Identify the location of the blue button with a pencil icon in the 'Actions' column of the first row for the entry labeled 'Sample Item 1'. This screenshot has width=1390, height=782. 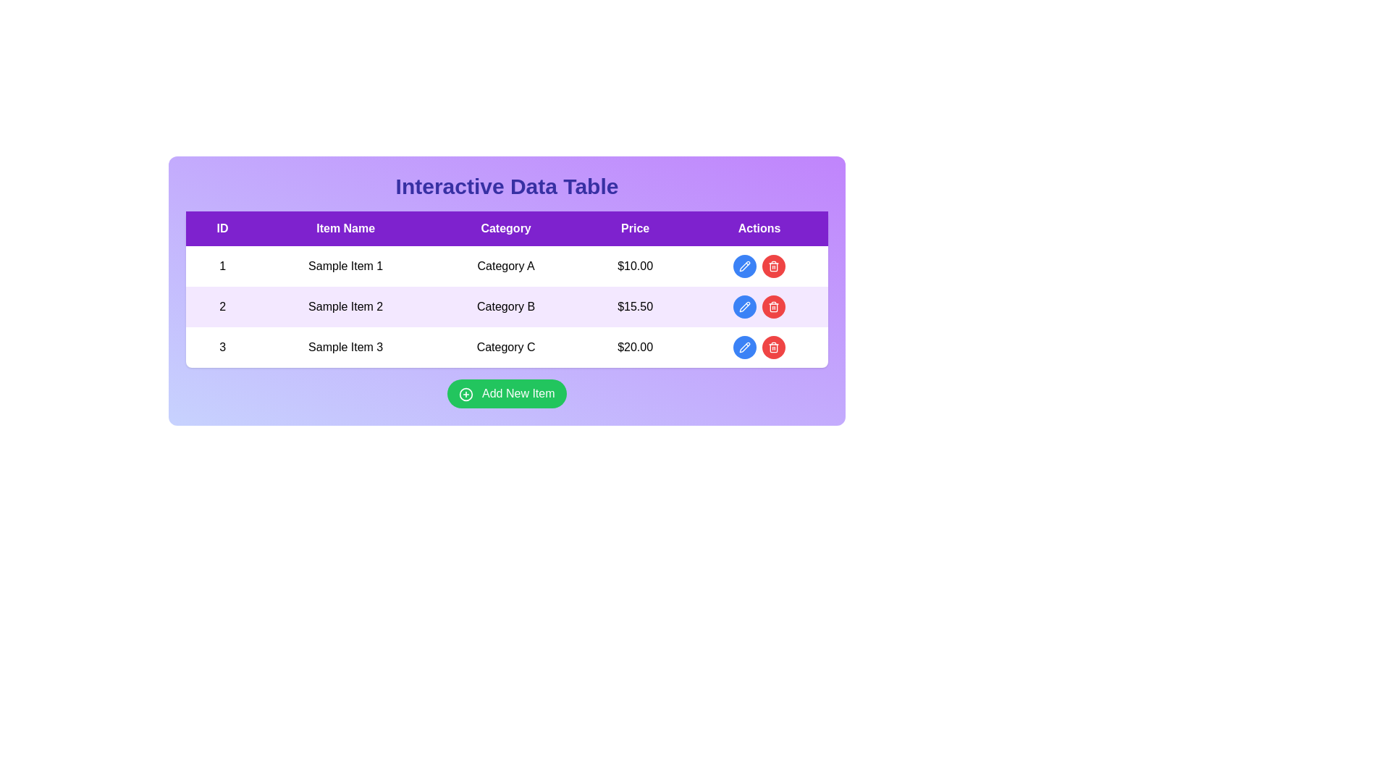
(759, 266).